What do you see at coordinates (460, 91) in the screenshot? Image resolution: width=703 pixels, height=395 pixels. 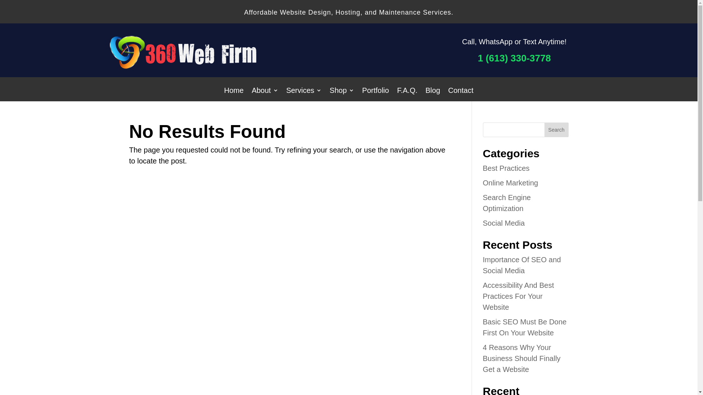 I see `'Contact'` at bounding box center [460, 91].